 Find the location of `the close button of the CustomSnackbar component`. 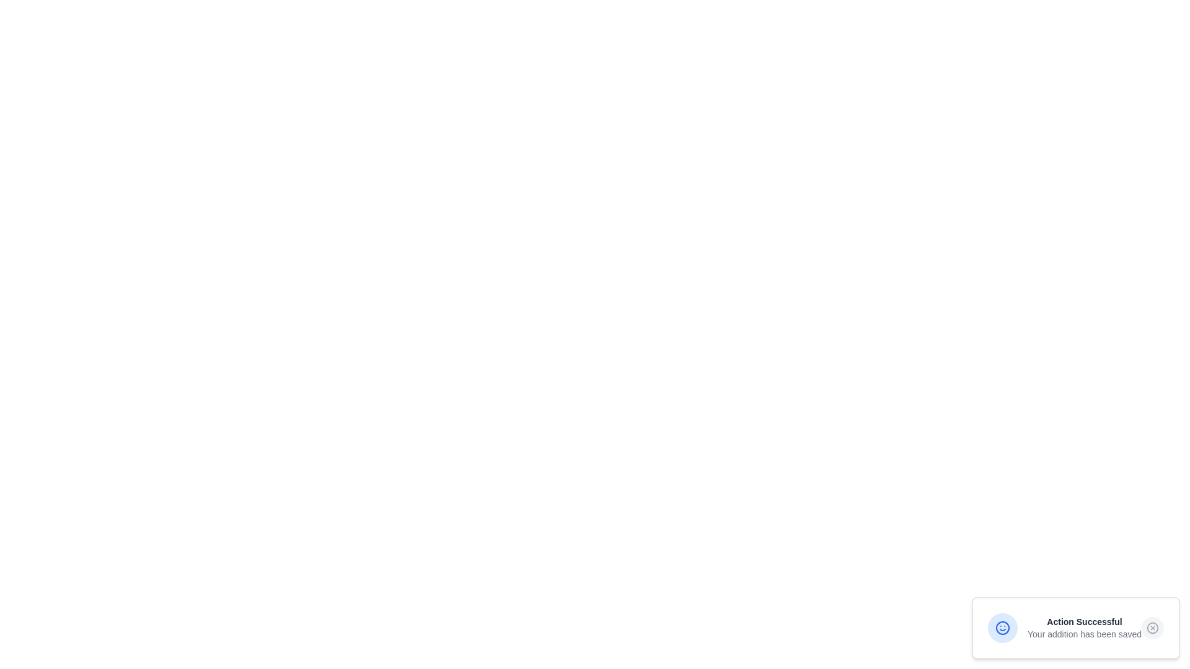

the close button of the CustomSnackbar component is located at coordinates (1152, 628).